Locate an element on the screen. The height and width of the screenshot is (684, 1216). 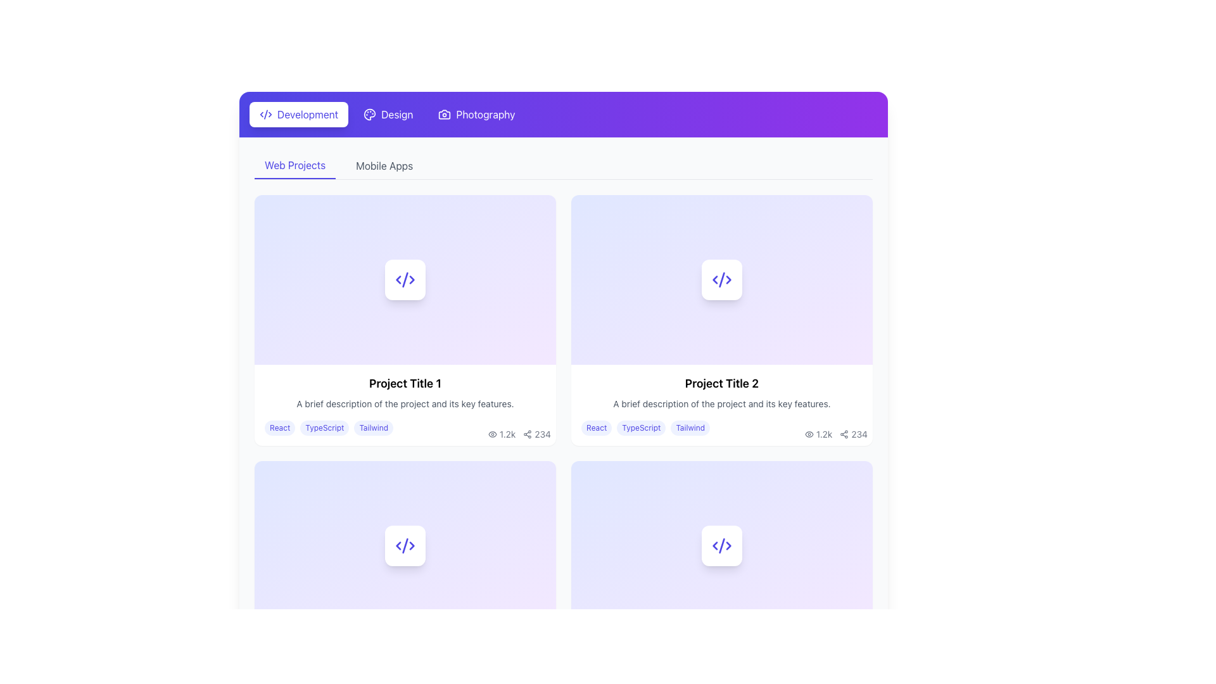
text content of the project details description located in the lower portion of the card element, which provides information about the project title, description, and utilized technologies is located at coordinates (404, 405).